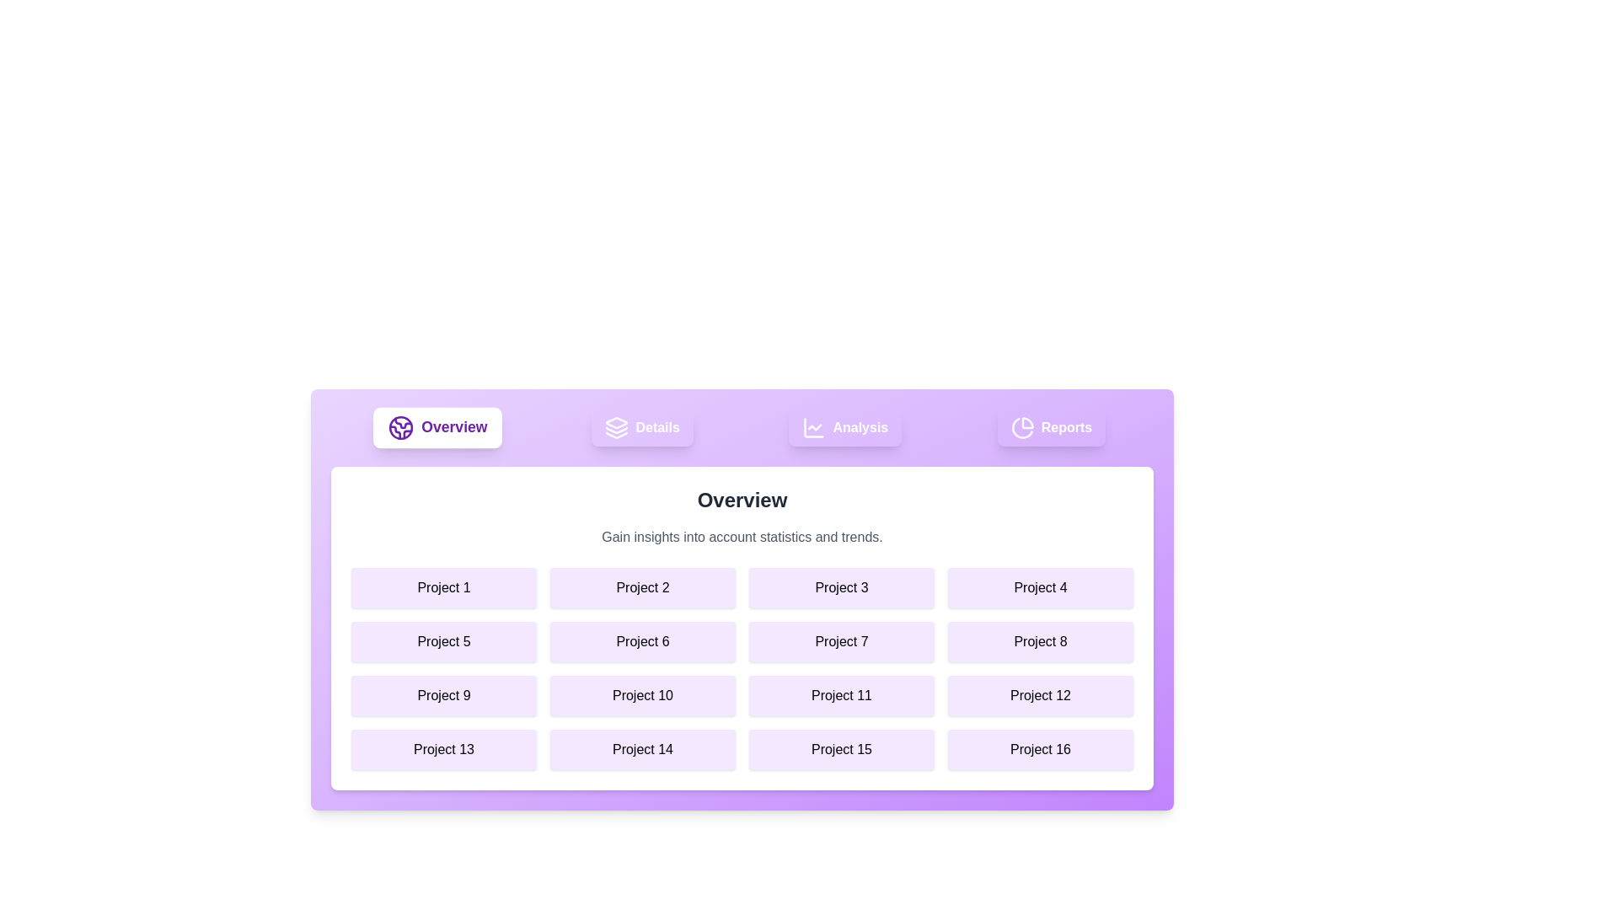 This screenshot has width=1618, height=910. What do you see at coordinates (641, 427) in the screenshot?
I see `the element labeled Details` at bounding box center [641, 427].